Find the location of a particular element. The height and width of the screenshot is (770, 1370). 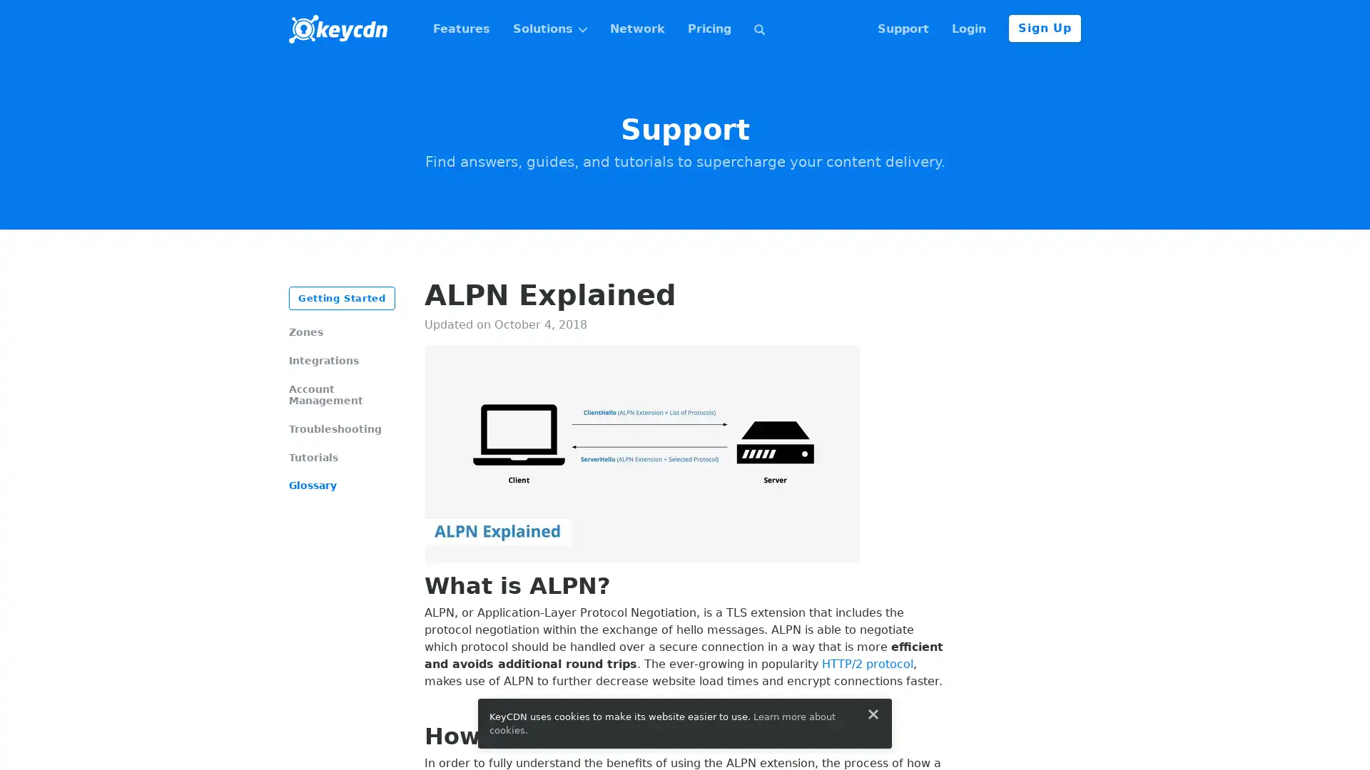

Solutions is located at coordinates (549, 29).